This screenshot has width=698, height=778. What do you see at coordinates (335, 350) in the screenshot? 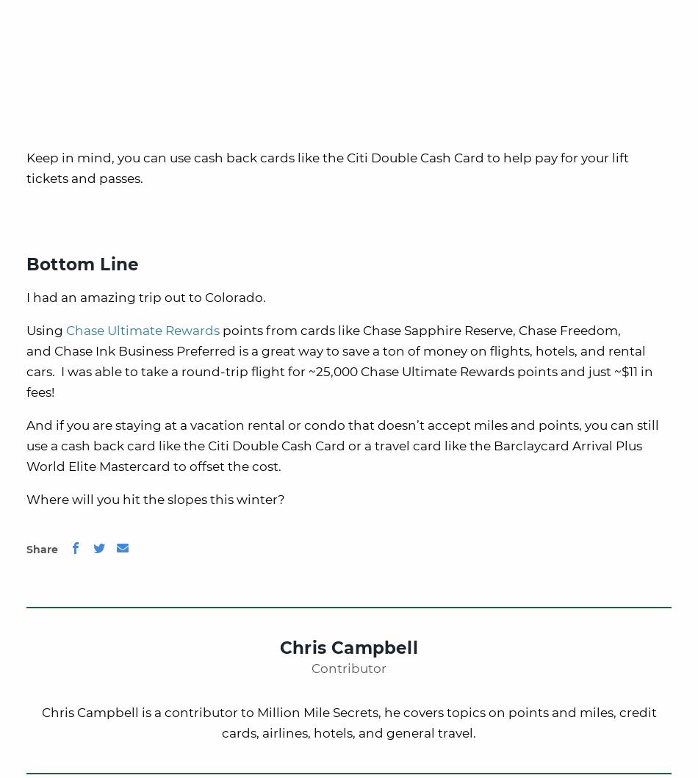
I see `'points from cards like Chase Sapphire Reserve, Chase Freedom, and Chase Ink Business Preferred is a great way to save a ton of money on flights, hotels, and rental cars.  I was able to take a round-trip'` at bounding box center [335, 350].